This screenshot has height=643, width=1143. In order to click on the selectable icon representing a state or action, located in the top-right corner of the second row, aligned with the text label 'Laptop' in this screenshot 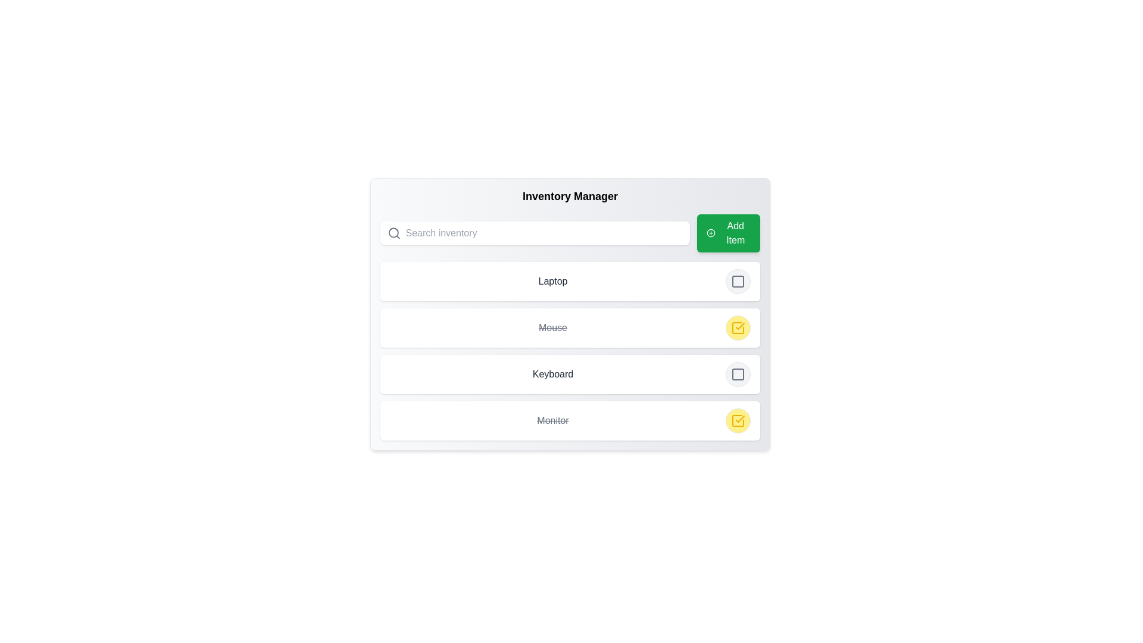, I will do `click(737, 282)`.